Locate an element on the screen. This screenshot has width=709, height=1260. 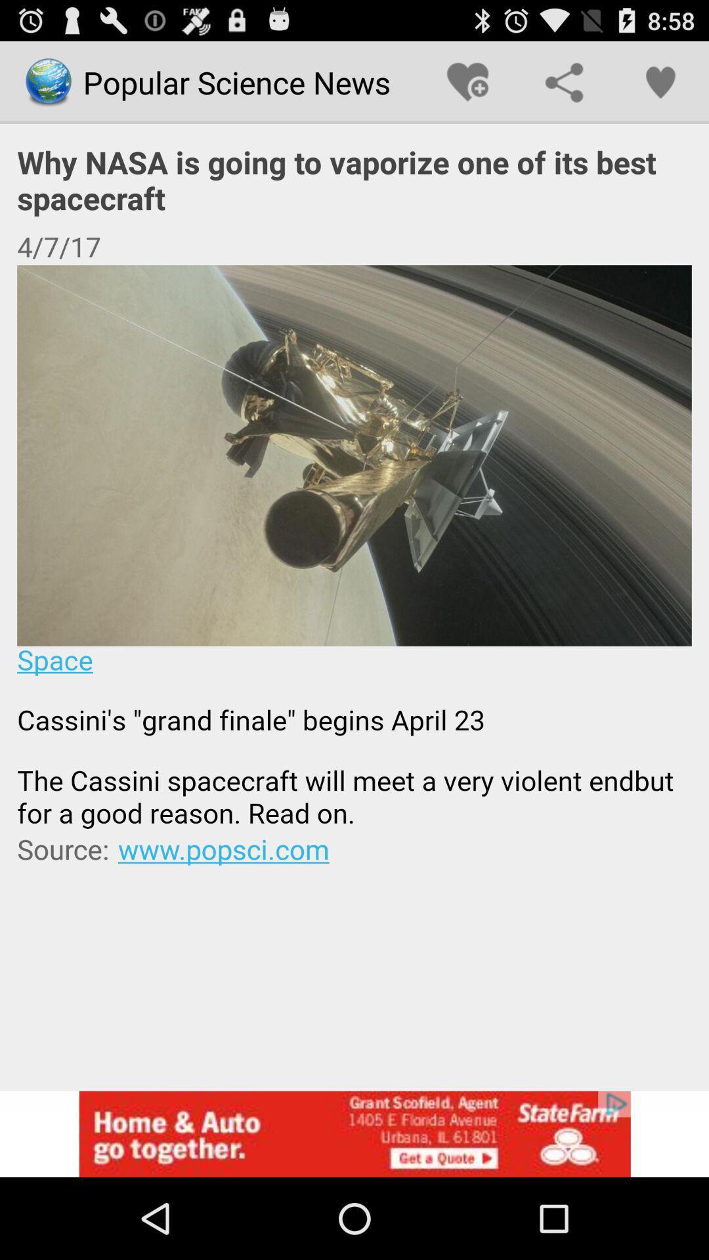
open the article is located at coordinates (354, 547).